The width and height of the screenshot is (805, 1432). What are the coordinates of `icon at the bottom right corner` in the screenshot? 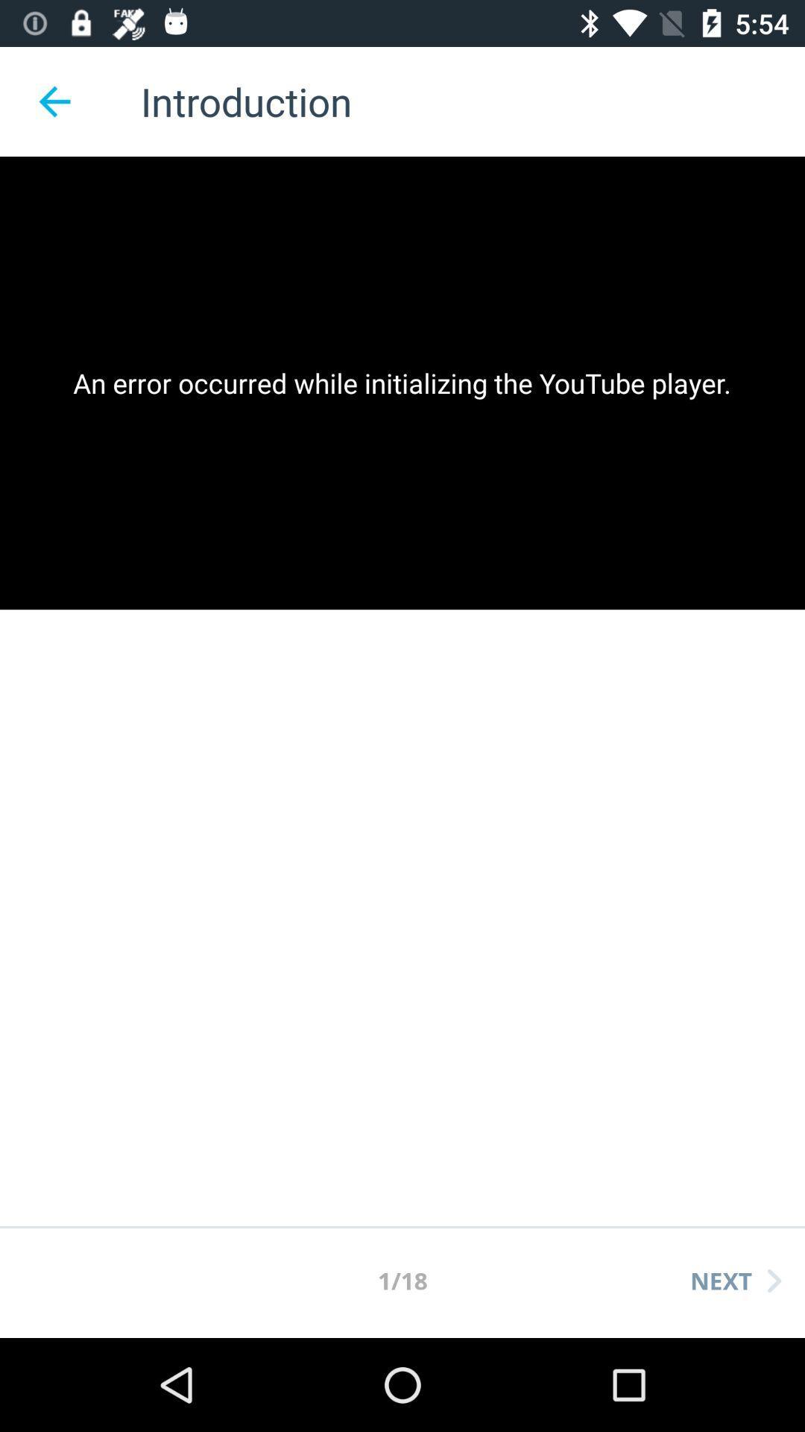 It's located at (735, 1280).